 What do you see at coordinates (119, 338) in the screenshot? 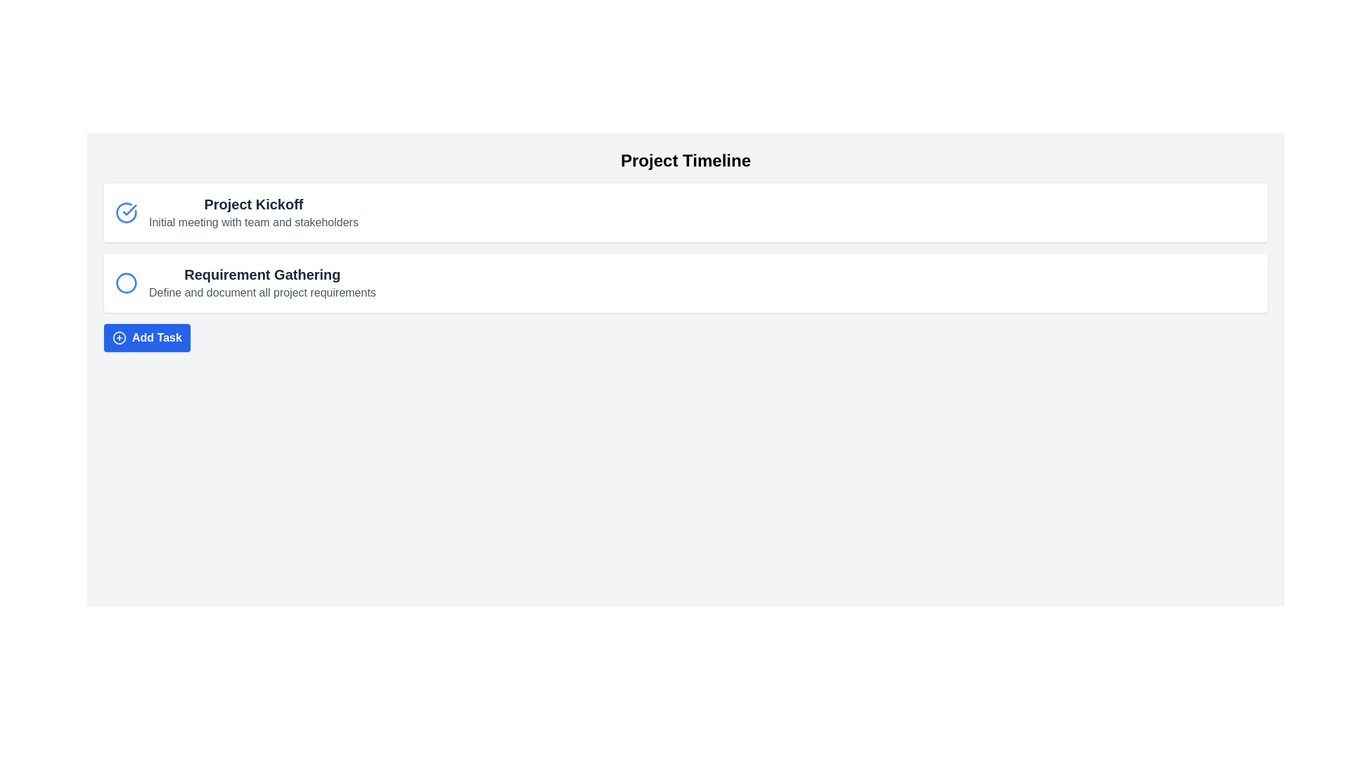
I see `the decorative circle within the 'Add Task' button located at the bottom-left of the task list` at bounding box center [119, 338].